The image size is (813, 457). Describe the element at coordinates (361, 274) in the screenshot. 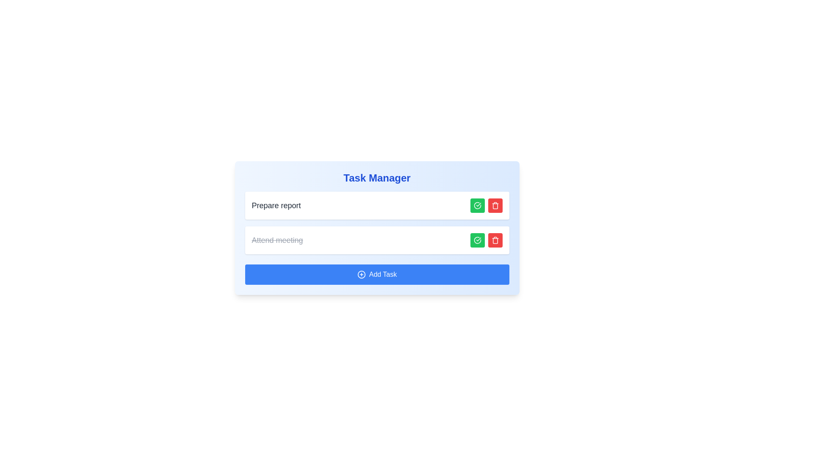

I see `the appearance of the 'Add Task' icon located on the left side of the 'Add Task' button at the bottom section of the interface` at that location.